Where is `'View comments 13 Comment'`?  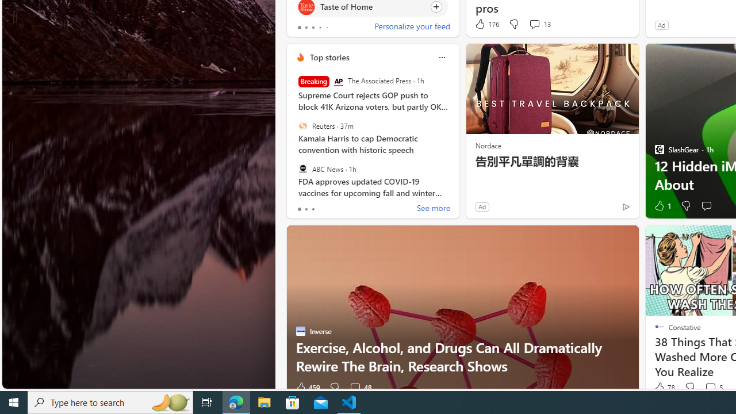
'View comments 13 Comment' is located at coordinates (539, 24).